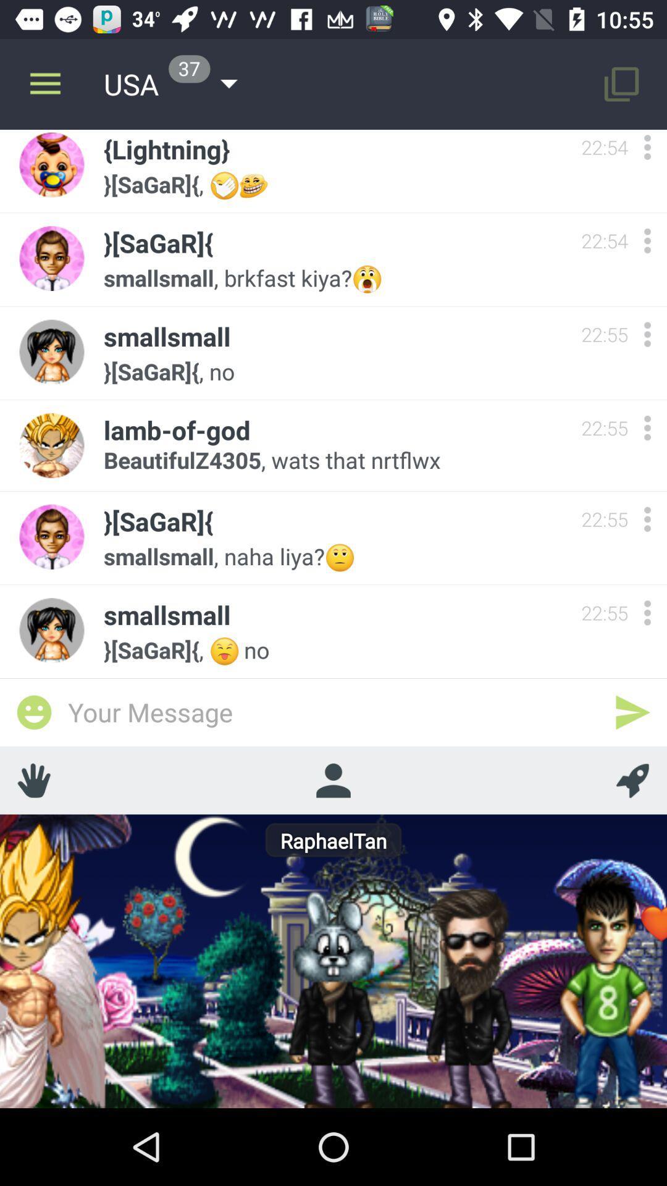 This screenshot has width=667, height=1186. I want to click on speed, so click(632, 780).